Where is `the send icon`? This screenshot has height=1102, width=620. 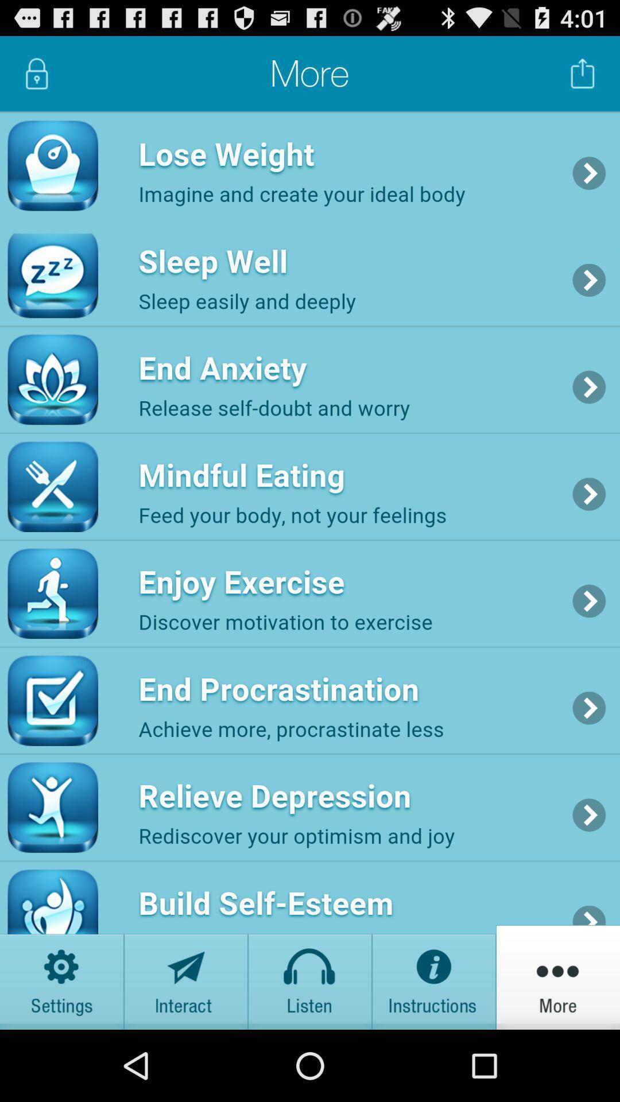 the send icon is located at coordinates (185, 1045).